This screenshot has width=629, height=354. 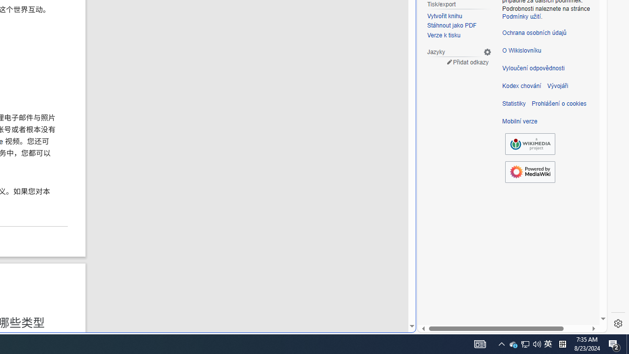 What do you see at coordinates (459, 35) in the screenshot?
I see `'Verze k tisku'` at bounding box center [459, 35].